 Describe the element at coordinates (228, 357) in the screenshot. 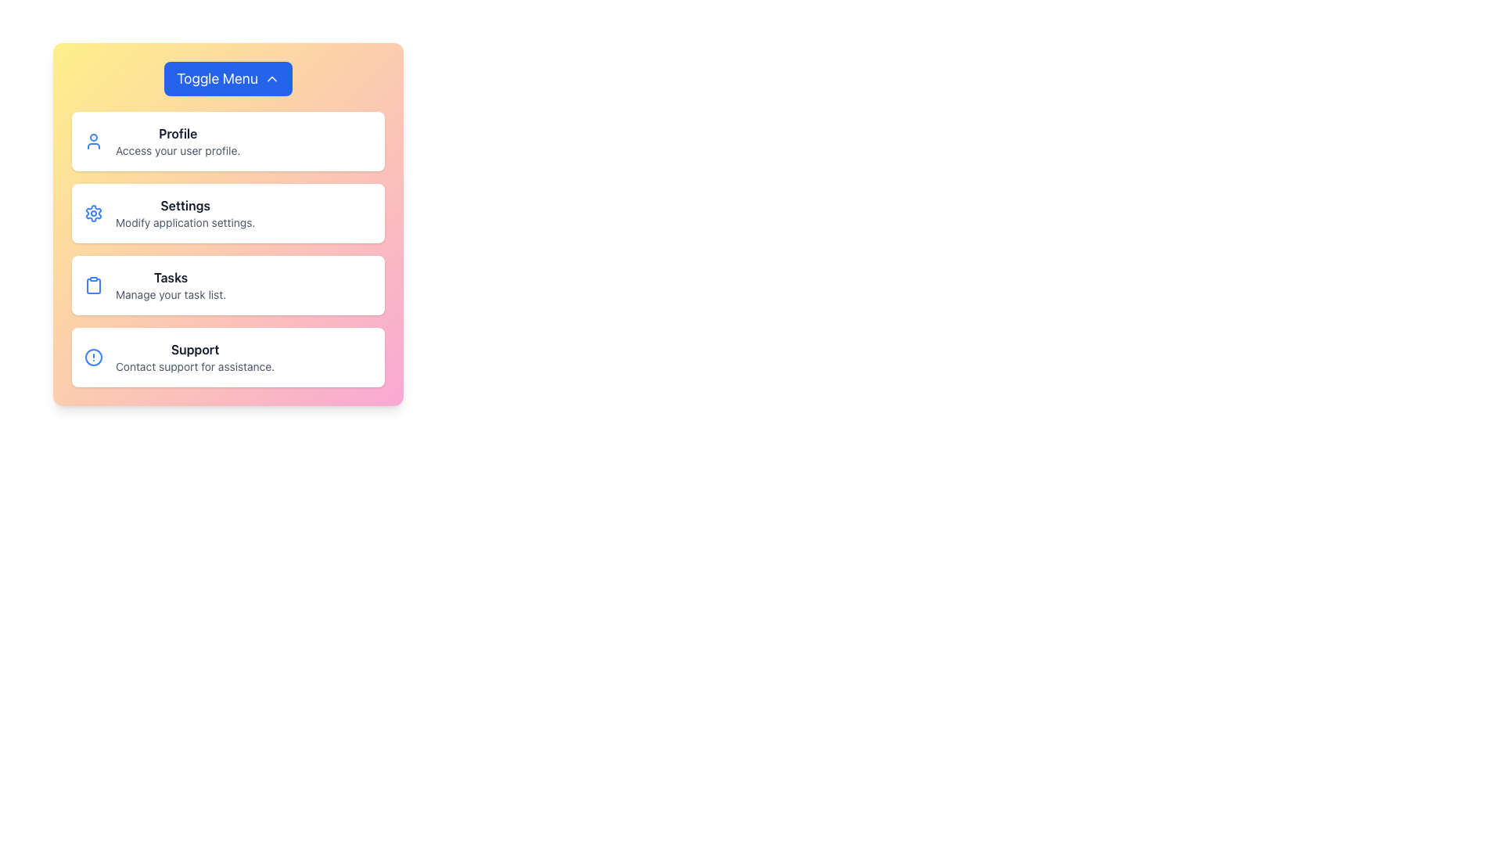

I see `the 'Support' informational card, which is the fourth card in a vertical list of options` at that location.